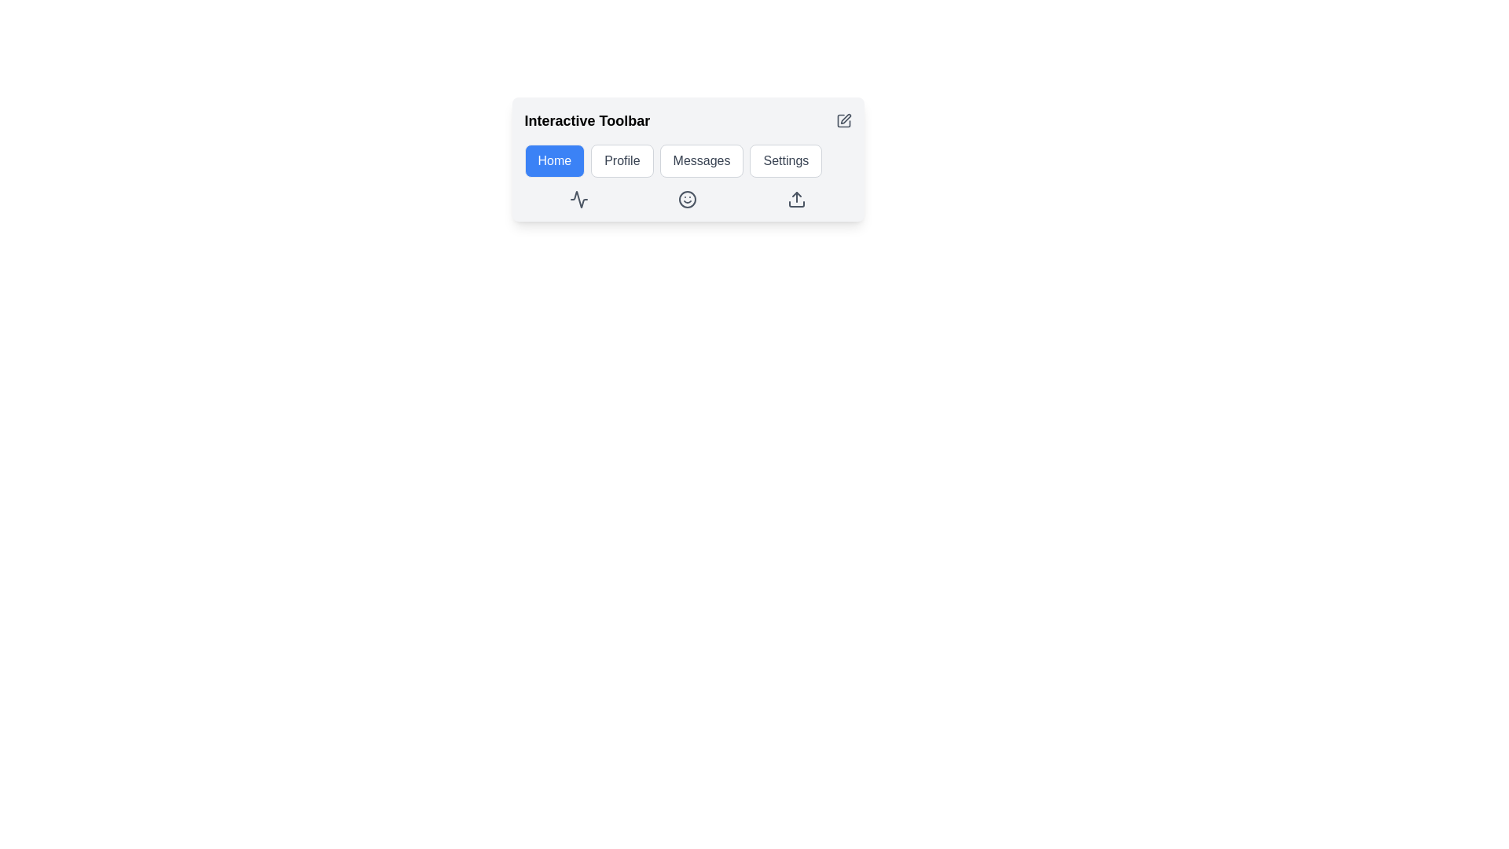  Describe the element at coordinates (586, 120) in the screenshot. I see `the bold textual label reading 'Interactive Toolbar', which is located at the top-left corner of the toolbar and aligned vertically with the toolbar’s icons` at that location.